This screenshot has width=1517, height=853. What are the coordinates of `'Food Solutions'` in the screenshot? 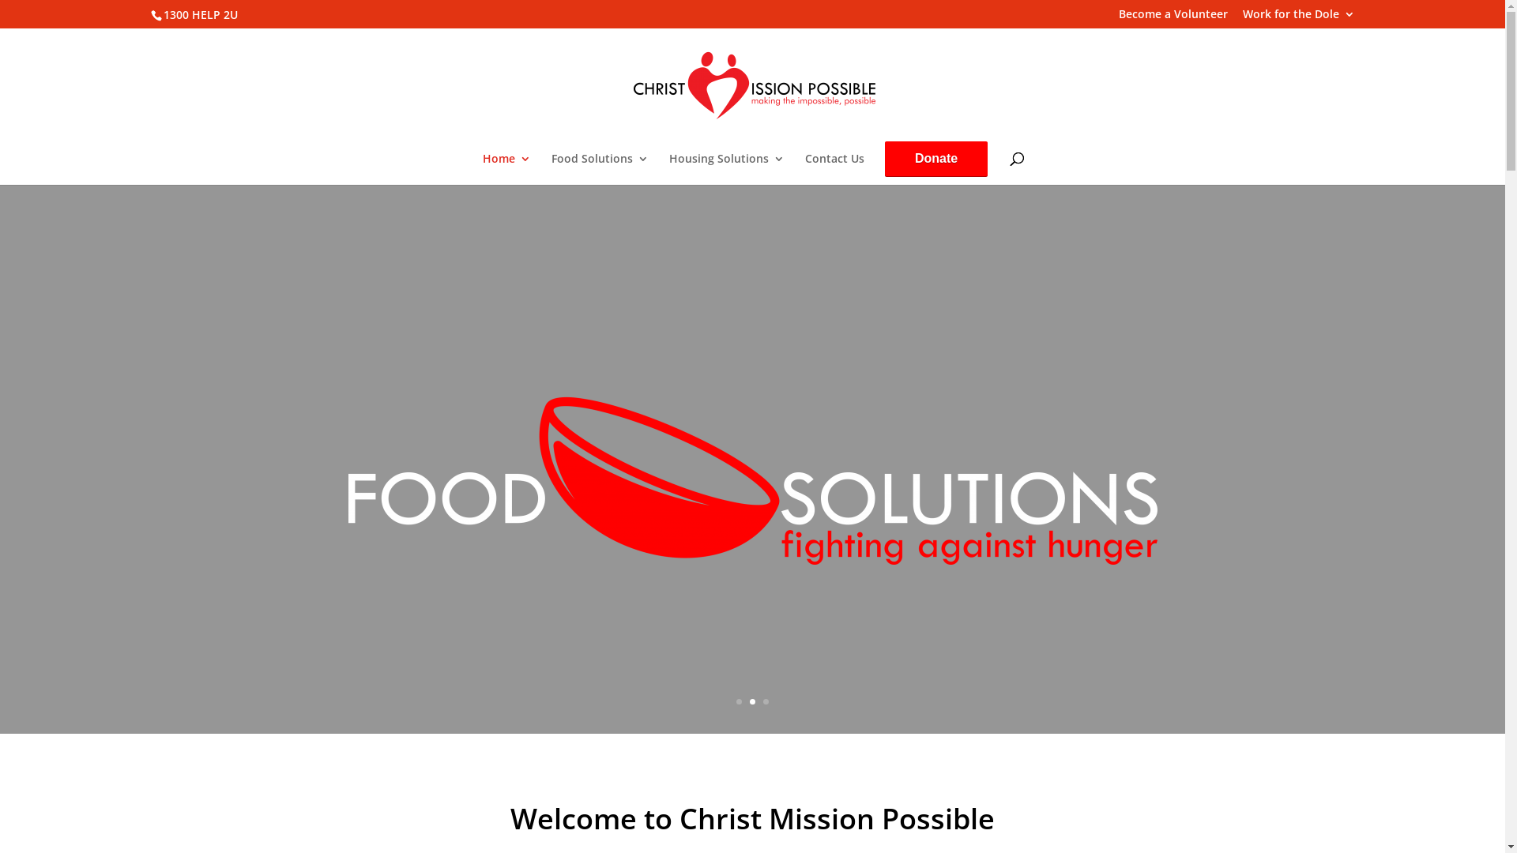 It's located at (599, 168).